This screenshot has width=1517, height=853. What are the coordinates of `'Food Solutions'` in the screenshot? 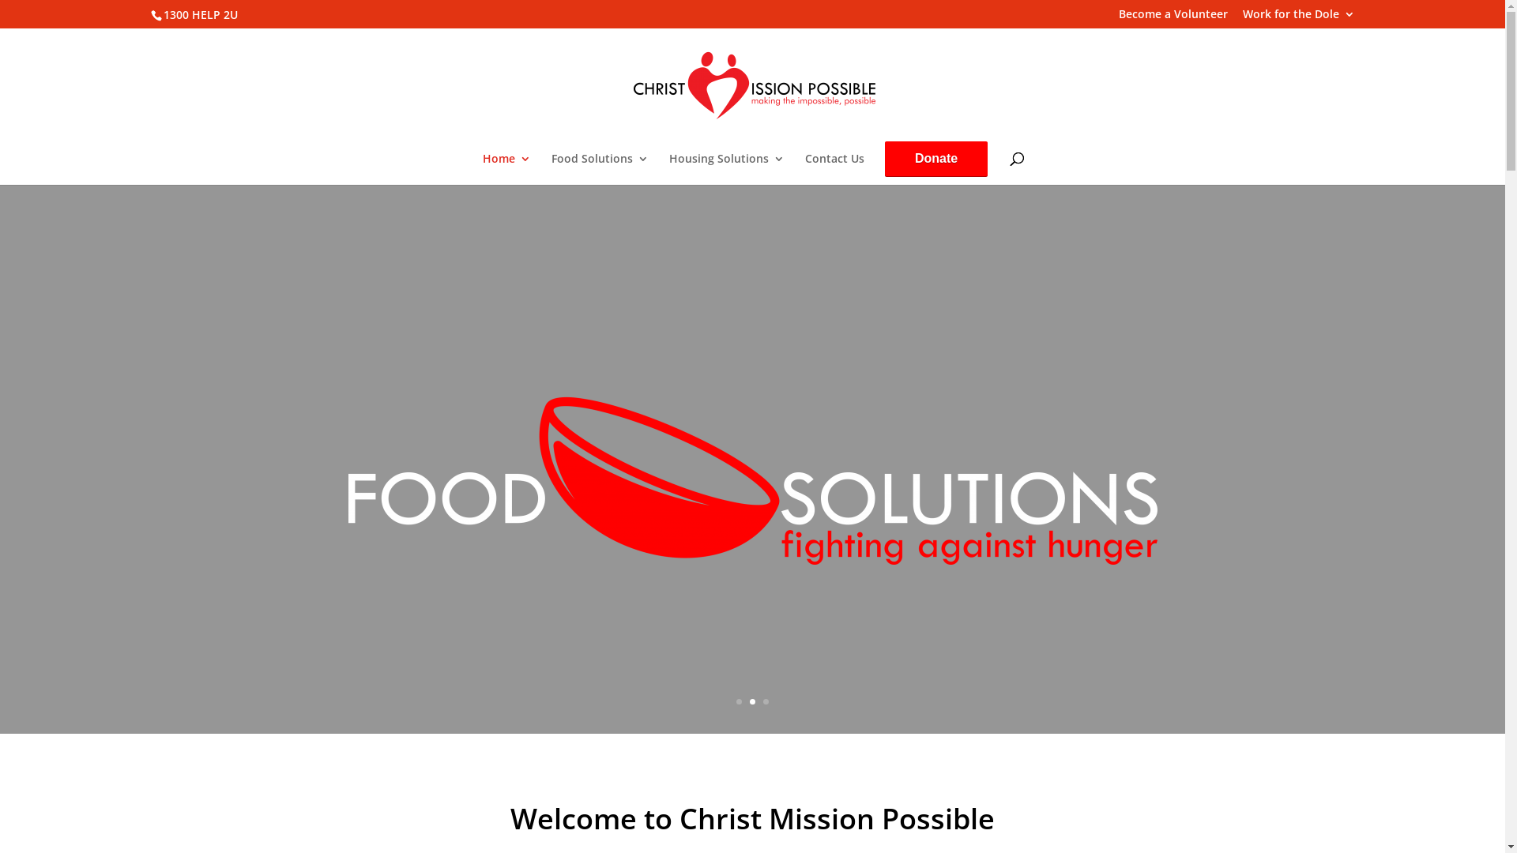 It's located at (599, 168).